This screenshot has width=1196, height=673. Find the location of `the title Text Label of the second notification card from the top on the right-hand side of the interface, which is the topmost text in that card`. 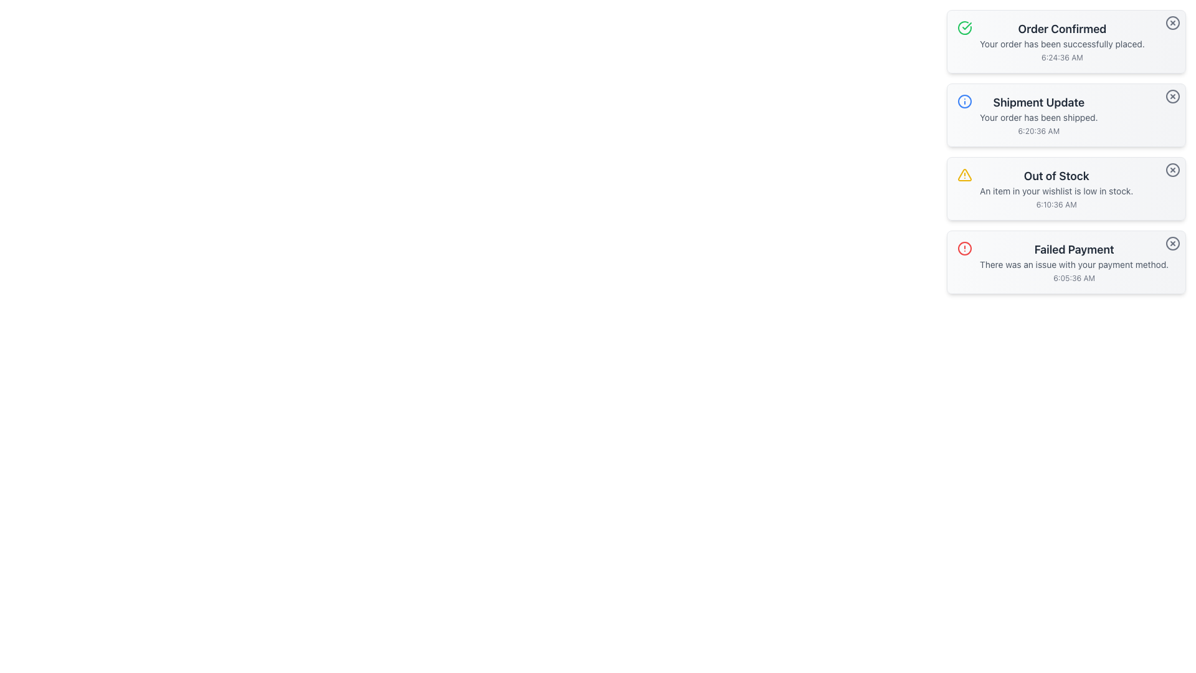

the title Text Label of the second notification card from the top on the right-hand side of the interface, which is the topmost text in that card is located at coordinates (1038, 102).